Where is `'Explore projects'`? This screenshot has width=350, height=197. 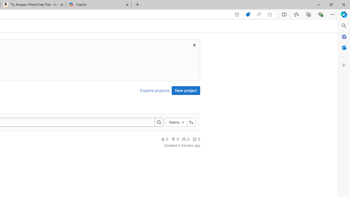
'Explore projects' is located at coordinates (154, 90).